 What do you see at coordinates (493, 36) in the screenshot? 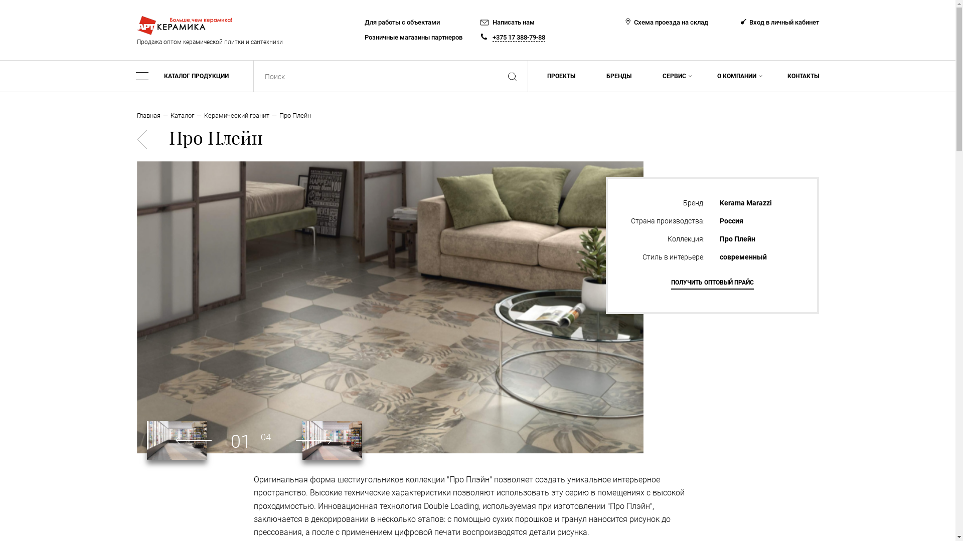
I see `'+375 17 388-79-88'` at bounding box center [493, 36].